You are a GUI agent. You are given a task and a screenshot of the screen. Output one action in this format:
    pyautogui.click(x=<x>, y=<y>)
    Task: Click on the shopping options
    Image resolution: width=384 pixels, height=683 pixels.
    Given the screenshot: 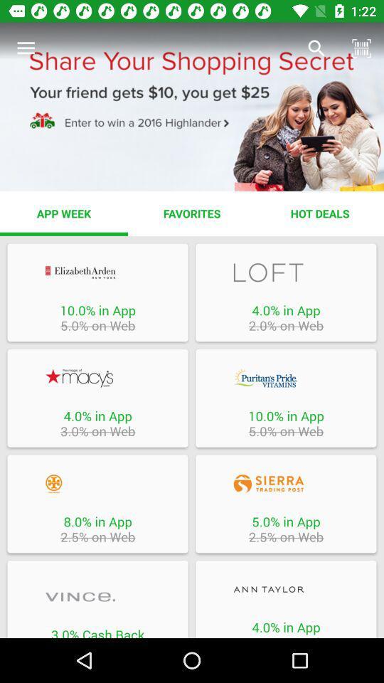 What is the action you would take?
    pyautogui.click(x=286, y=272)
    